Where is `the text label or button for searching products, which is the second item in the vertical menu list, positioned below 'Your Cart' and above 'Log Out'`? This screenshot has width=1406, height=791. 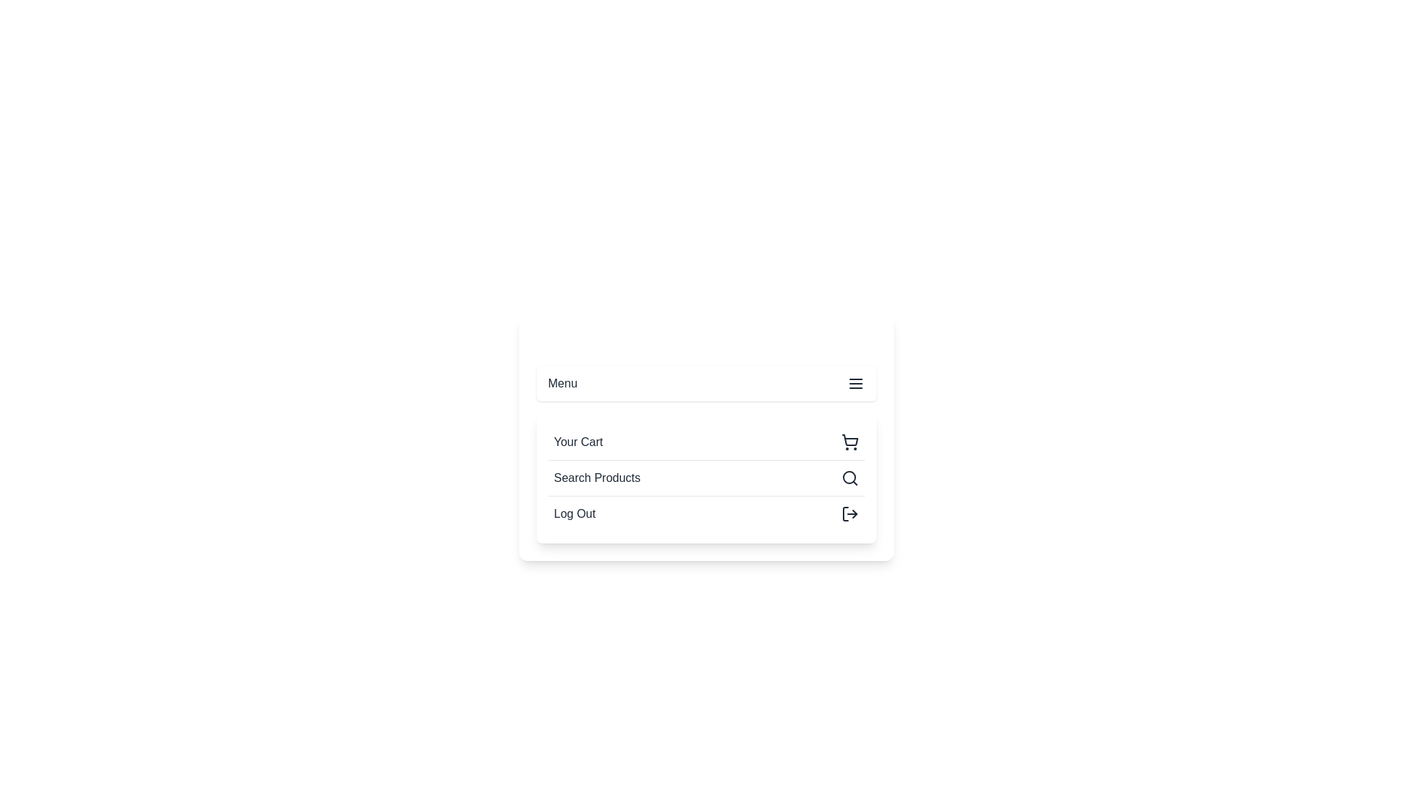
the text label or button for searching products, which is the second item in the vertical menu list, positioned below 'Your Cart' and above 'Log Out' is located at coordinates (597, 478).